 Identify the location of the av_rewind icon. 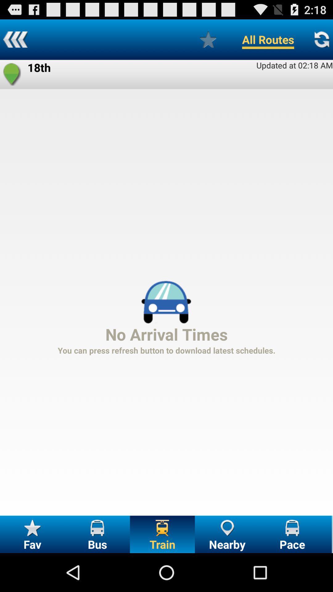
(15, 42).